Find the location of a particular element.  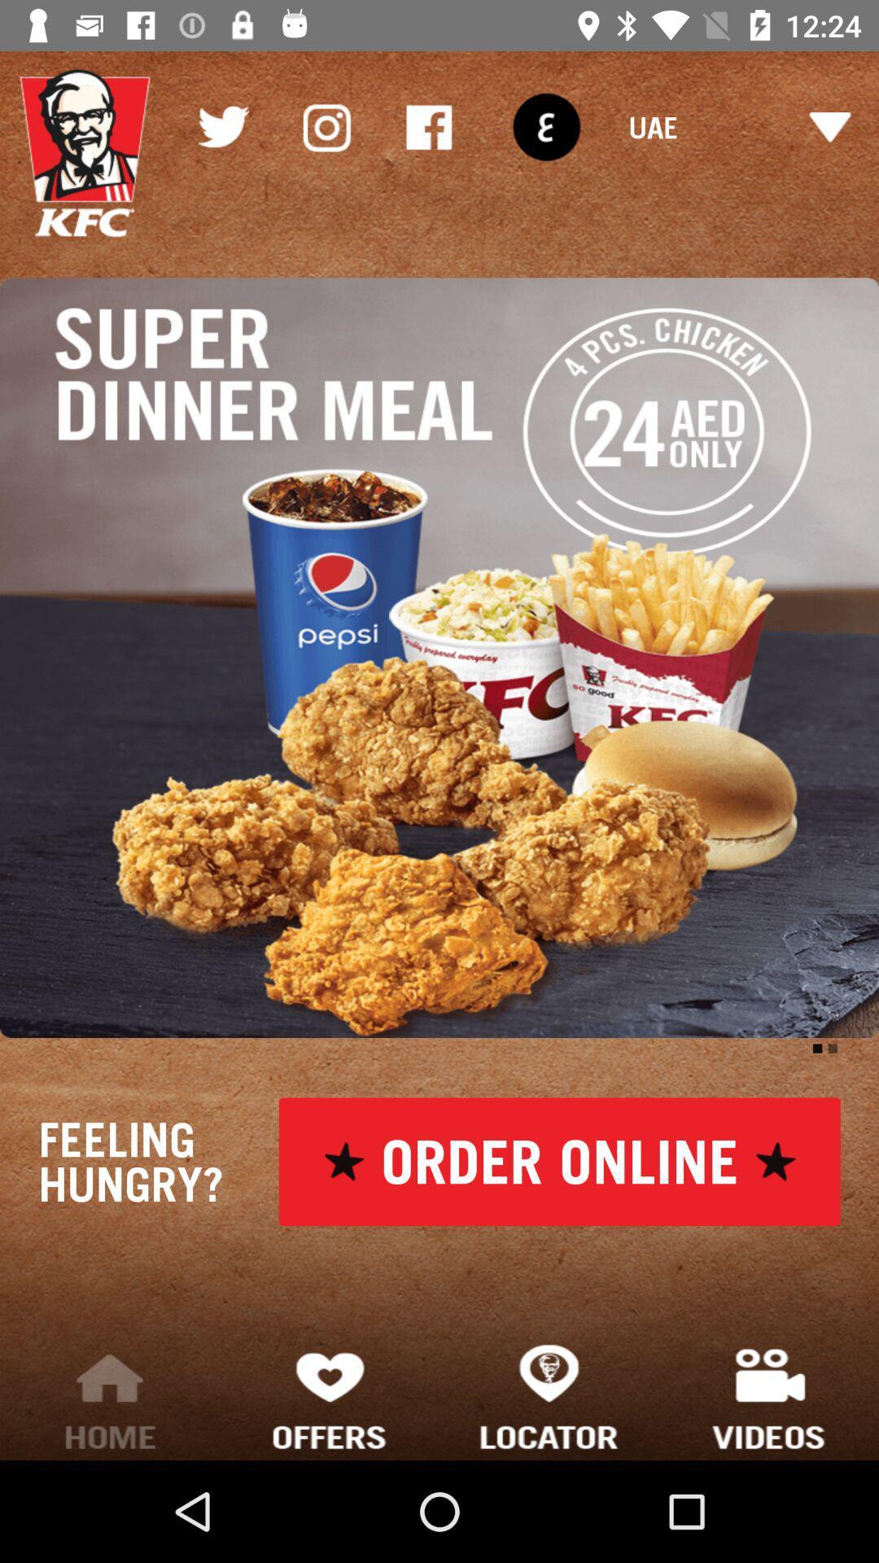

the twitter icon is located at coordinates (222, 126).